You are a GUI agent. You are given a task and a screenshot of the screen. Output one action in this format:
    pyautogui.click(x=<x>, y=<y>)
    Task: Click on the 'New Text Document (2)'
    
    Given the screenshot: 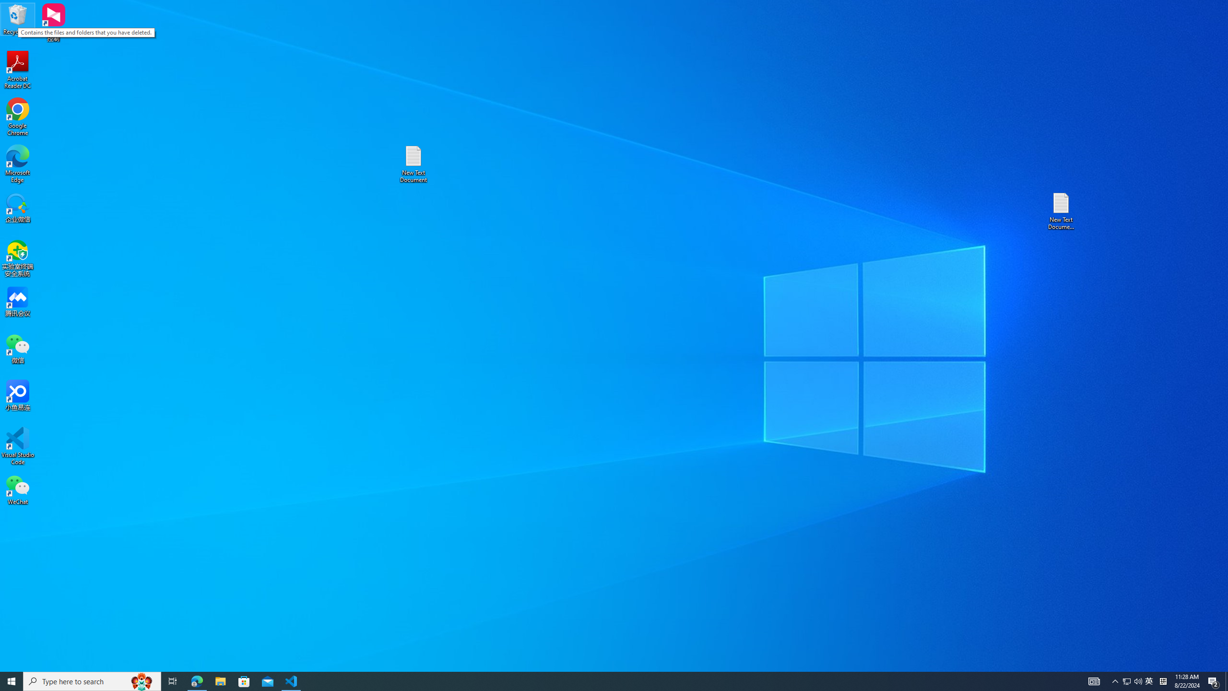 What is the action you would take?
    pyautogui.click(x=1062, y=210)
    